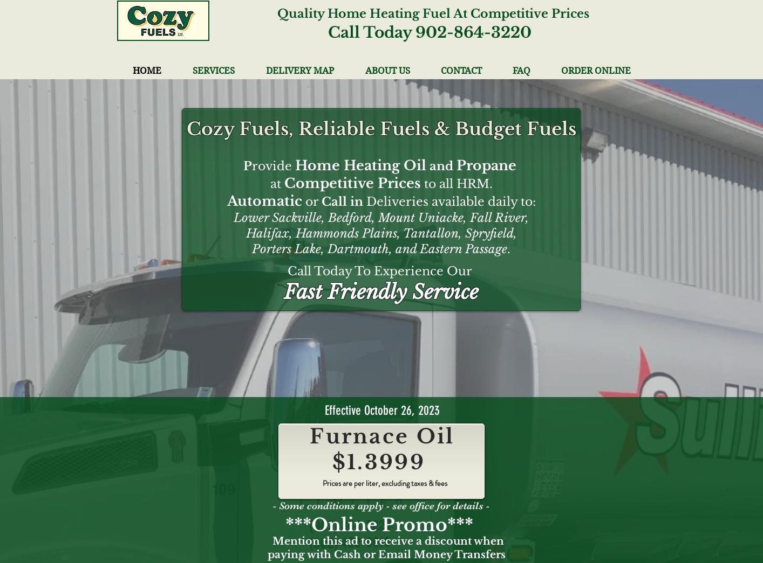 Image resolution: width=763 pixels, height=563 pixels. What do you see at coordinates (384, 378) in the screenshot?
I see `'Commercial Propane Delivery'` at bounding box center [384, 378].